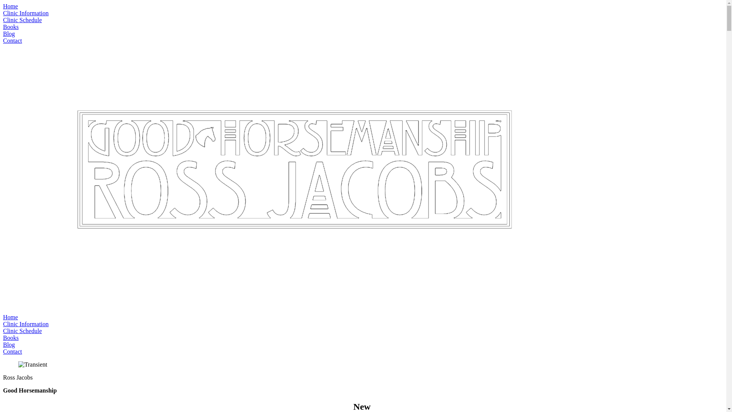 The image size is (732, 412). I want to click on 'Contact', so click(13, 40).